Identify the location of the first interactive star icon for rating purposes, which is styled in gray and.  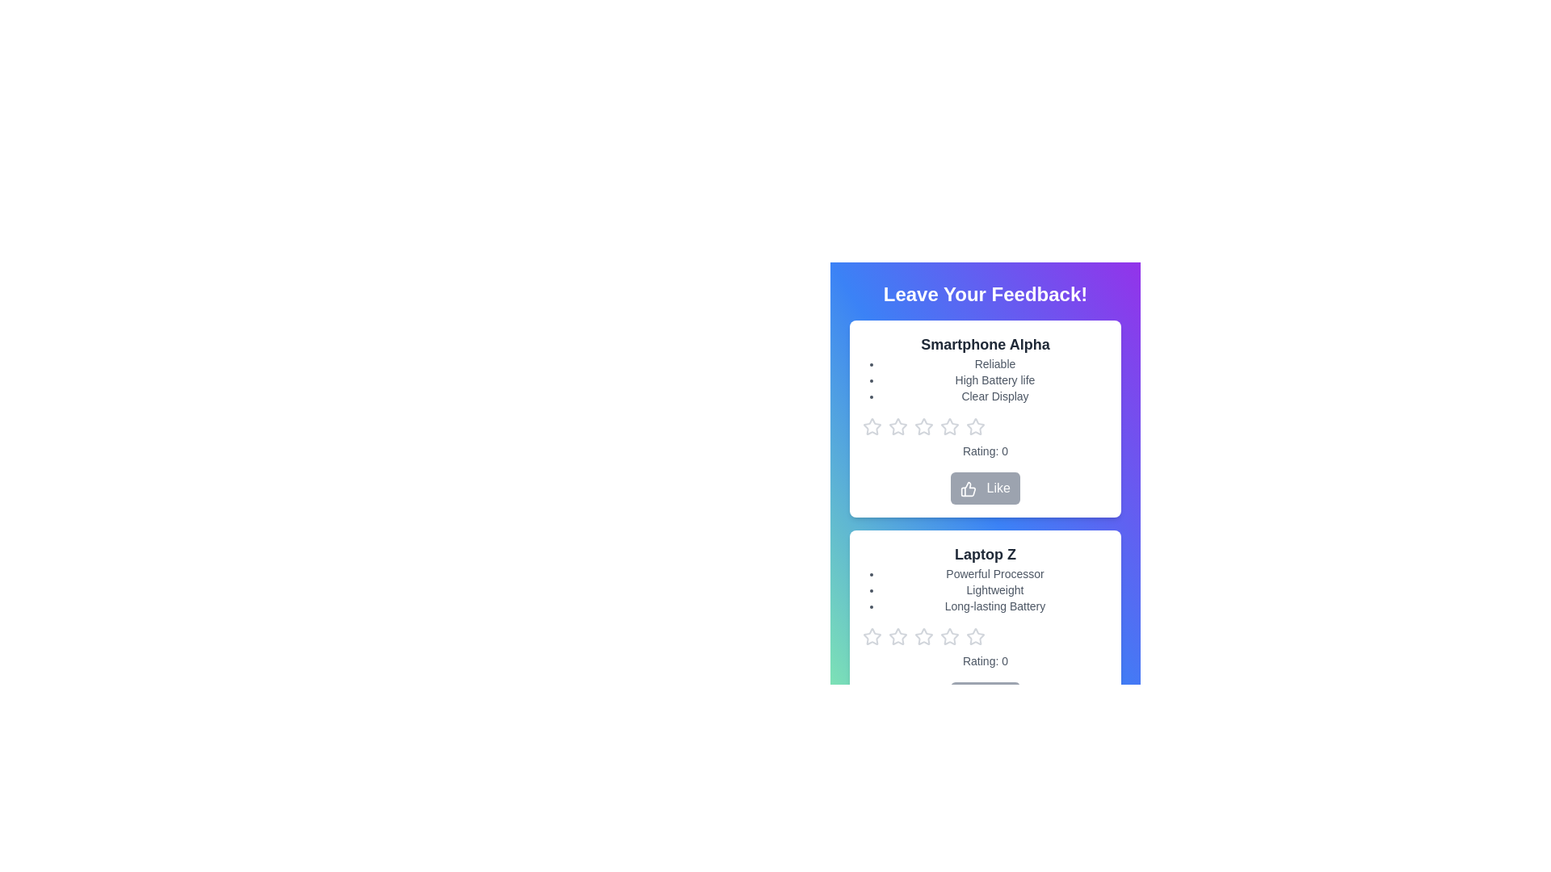
(872, 636).